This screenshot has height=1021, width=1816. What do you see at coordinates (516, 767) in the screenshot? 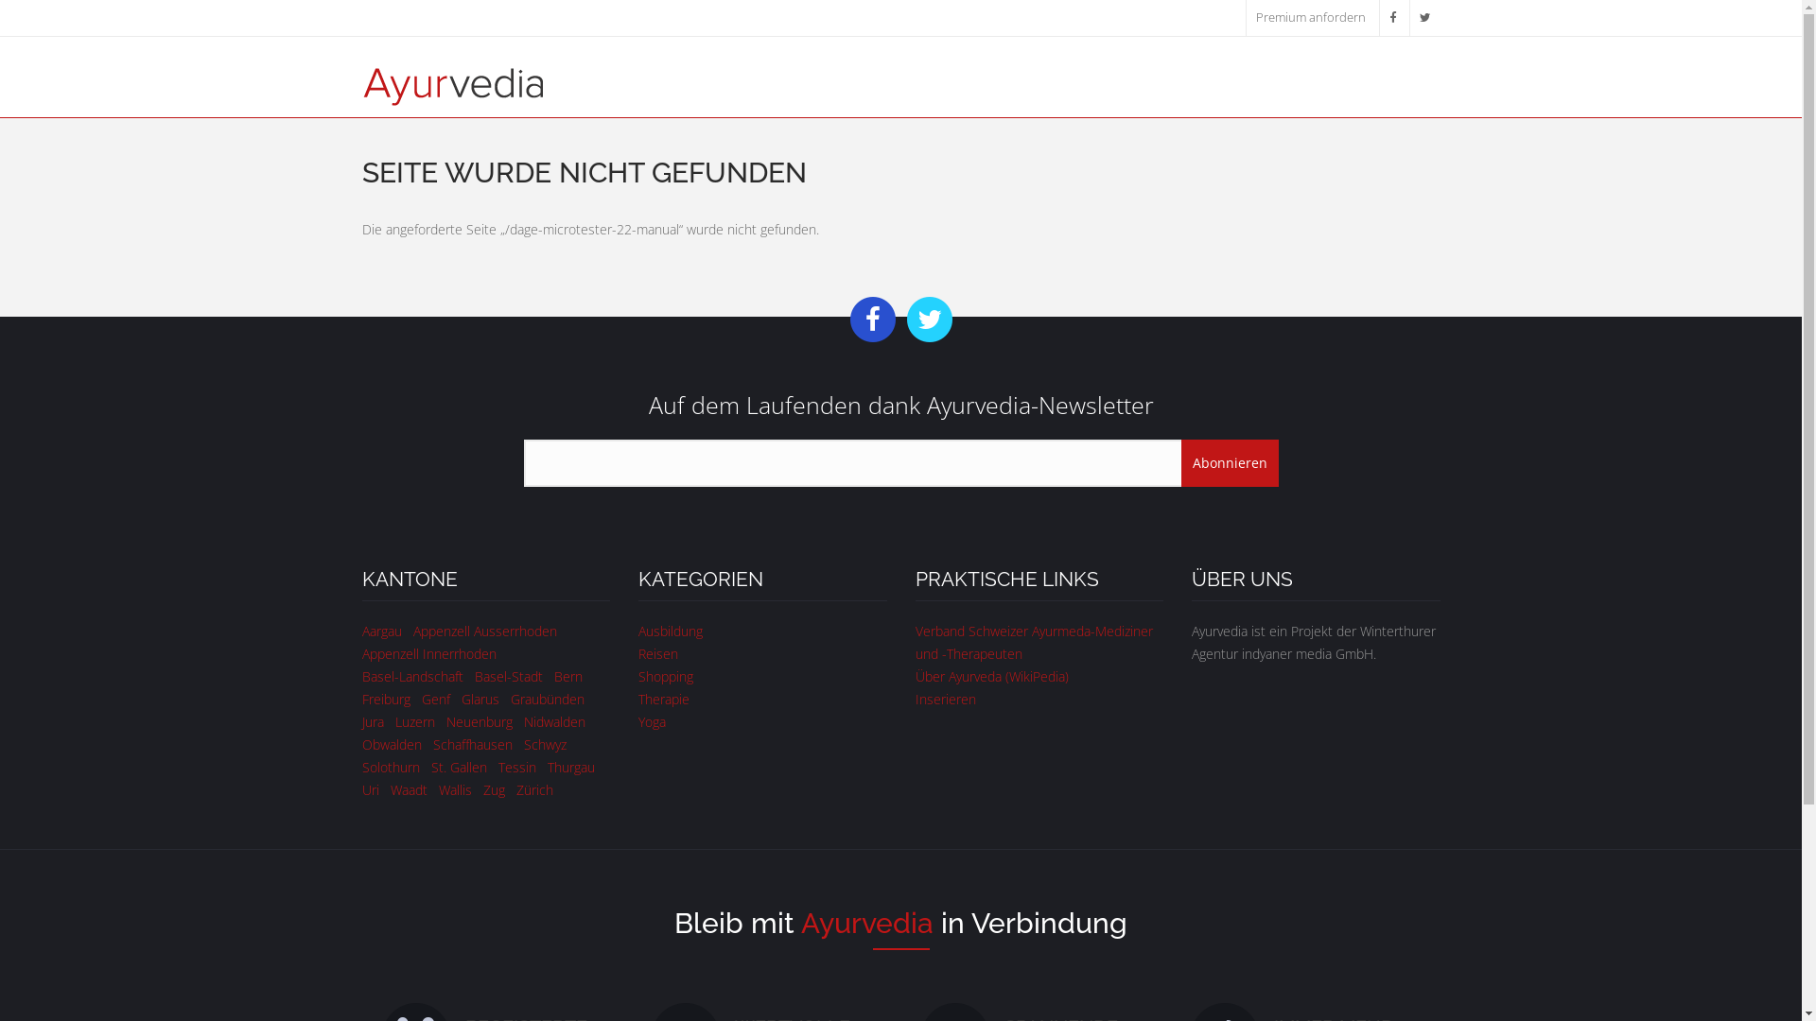
I see `'Tessin'` at bounding box center [516, 767].